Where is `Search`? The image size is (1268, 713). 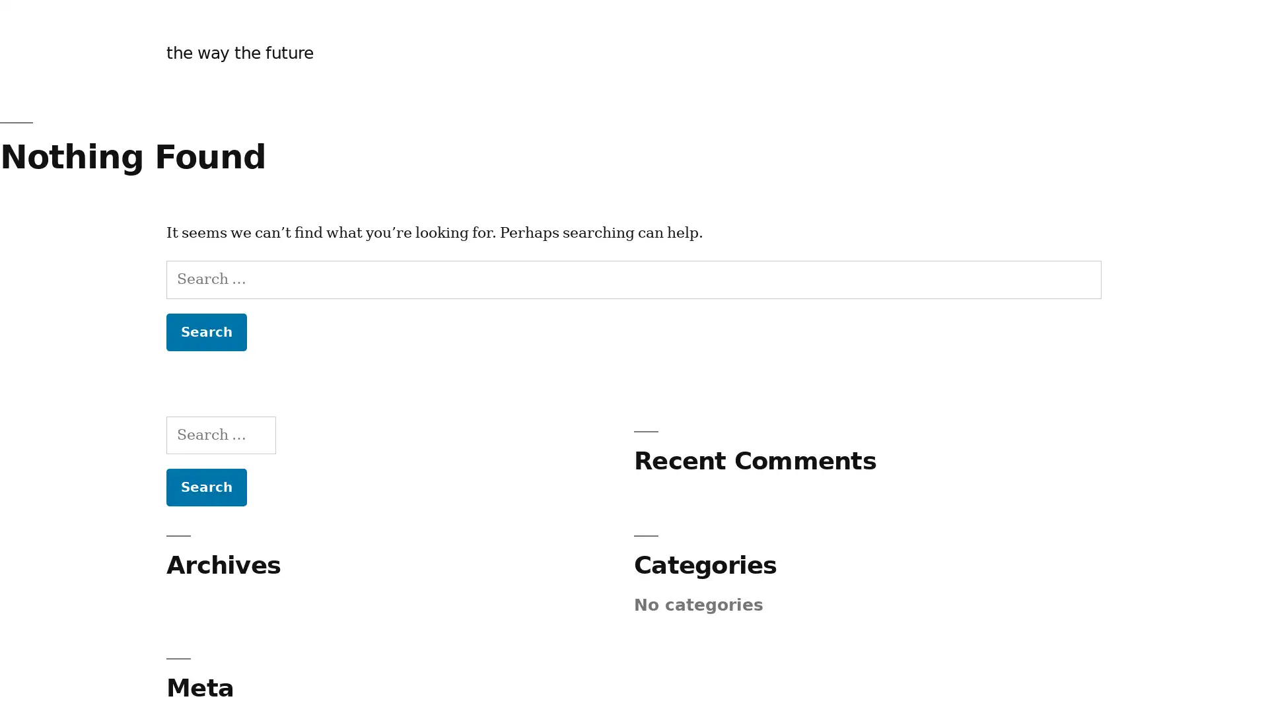 Search is located at coordinates (205, 331).